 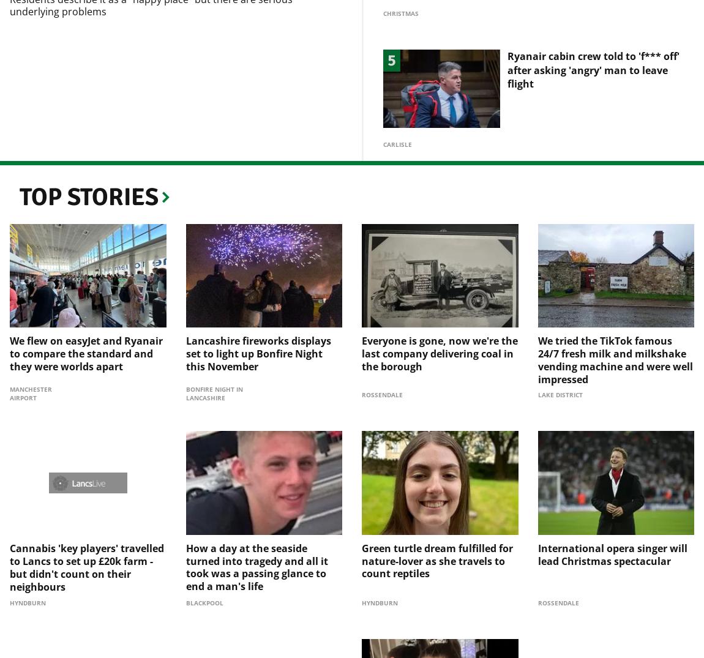 I want to click on 'Everyone is gone, now we're the last company delivering coal in the borough', so click(x=439, y=333).